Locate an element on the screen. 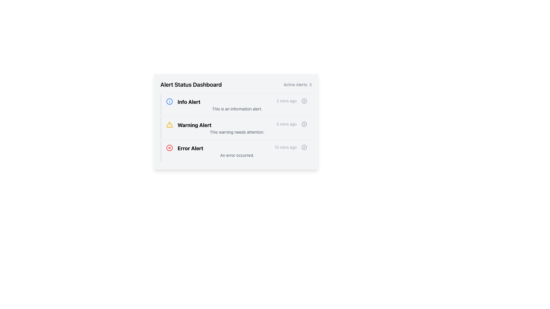 The image size is (550, 309). the circular indicator located to the immediate right of the 'Info Alert' notification, aligned with the '2 mins ago' timestamp is located at coordinates (304, 101).